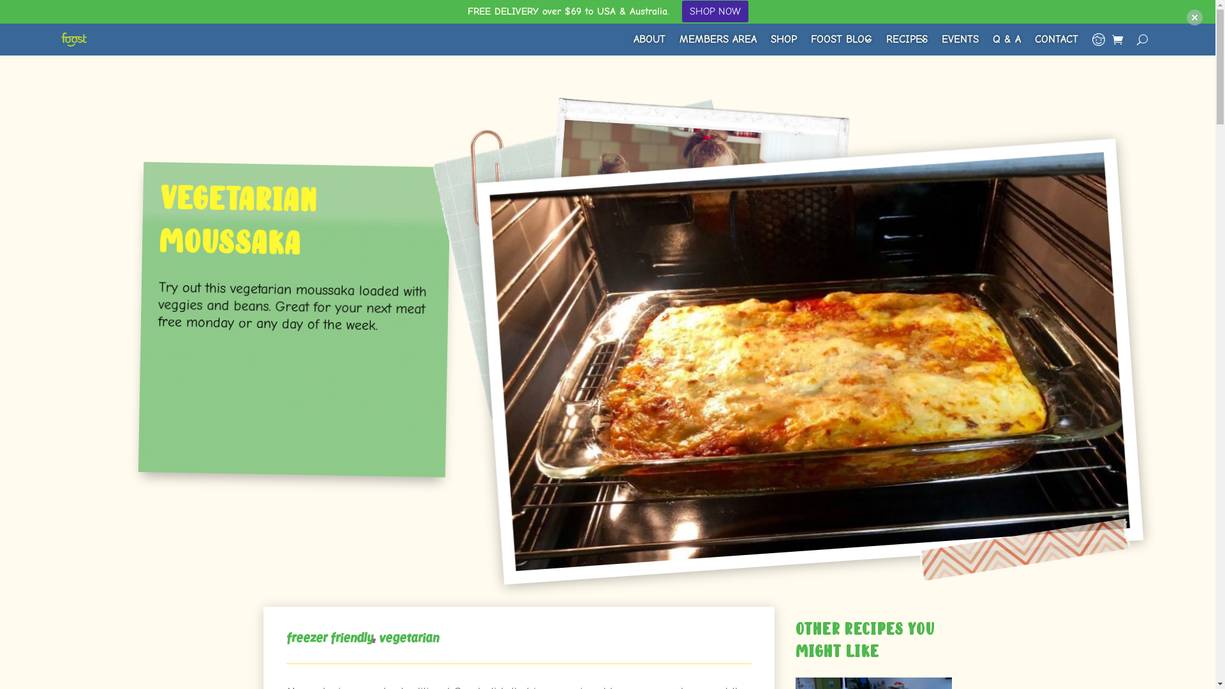 This screenshot has height=689, width=1225. Describe the element at coordinates (960, 38) in the screenshot. I see `'EVENTS'` at that location.